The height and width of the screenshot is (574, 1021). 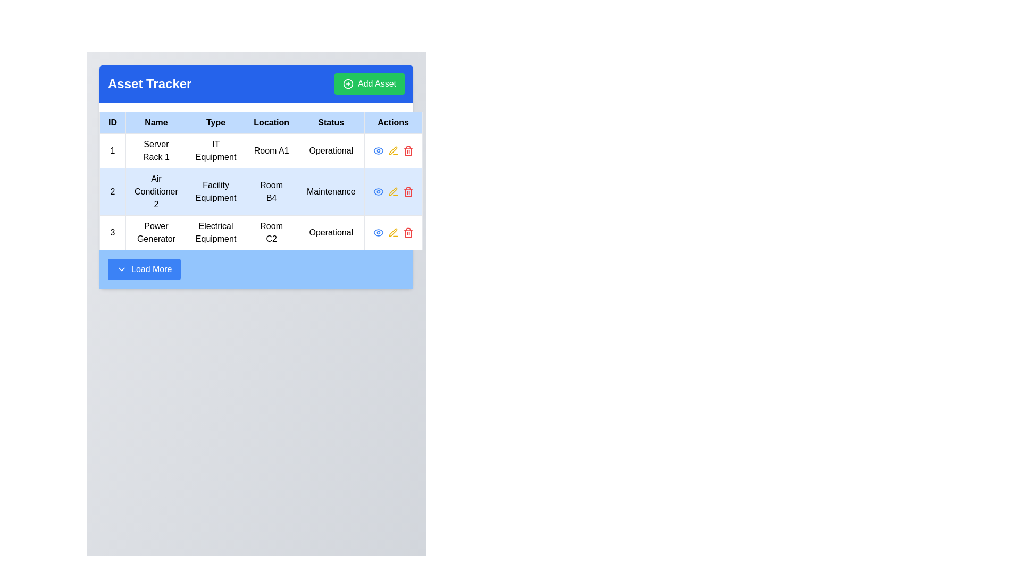 I want to click on the delete icon located as the last action icon in the 'Actions' column of the second row in the asset tracker interface to initiate a delete action, so click(x=407, y=192).